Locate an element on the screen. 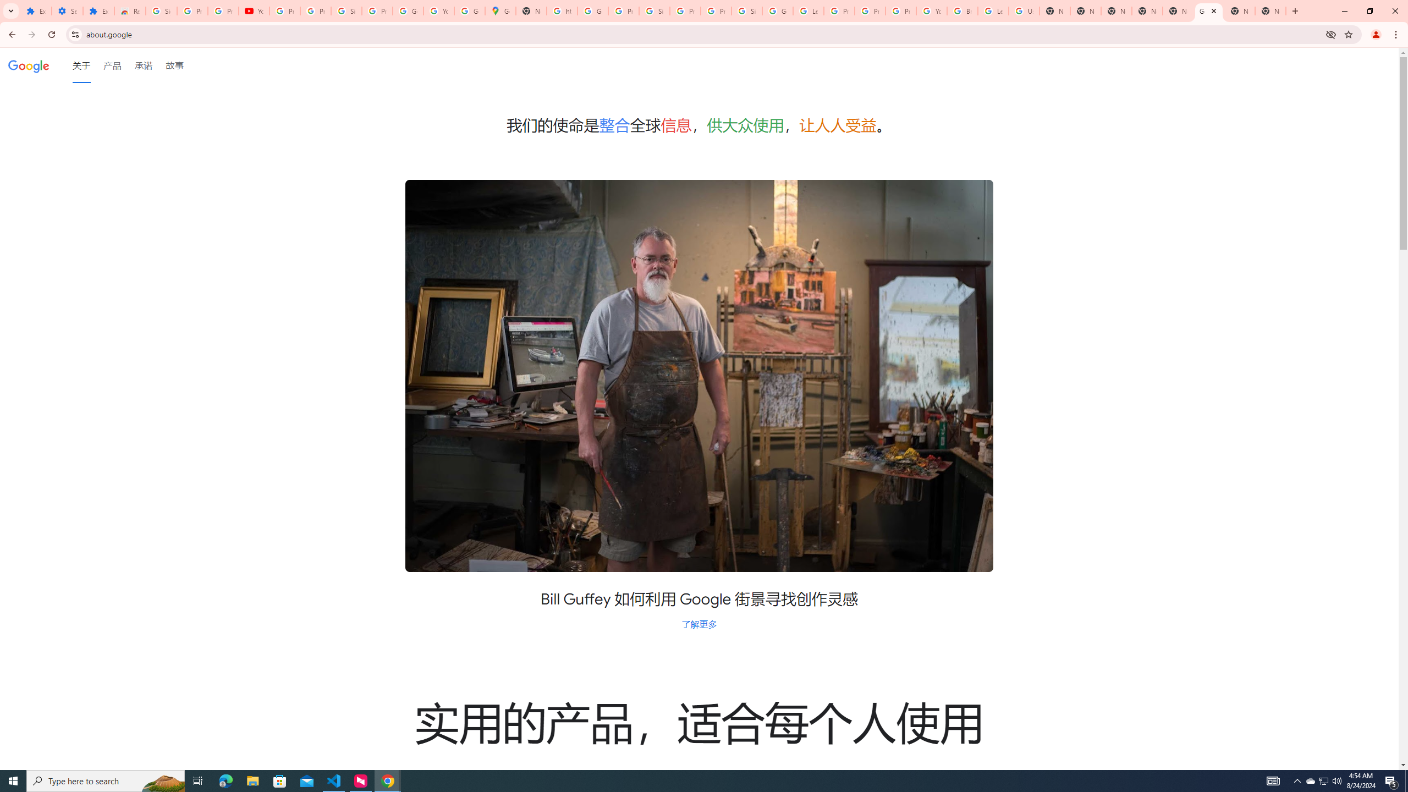  'New Tab' is located at coordinates (1270, 10).